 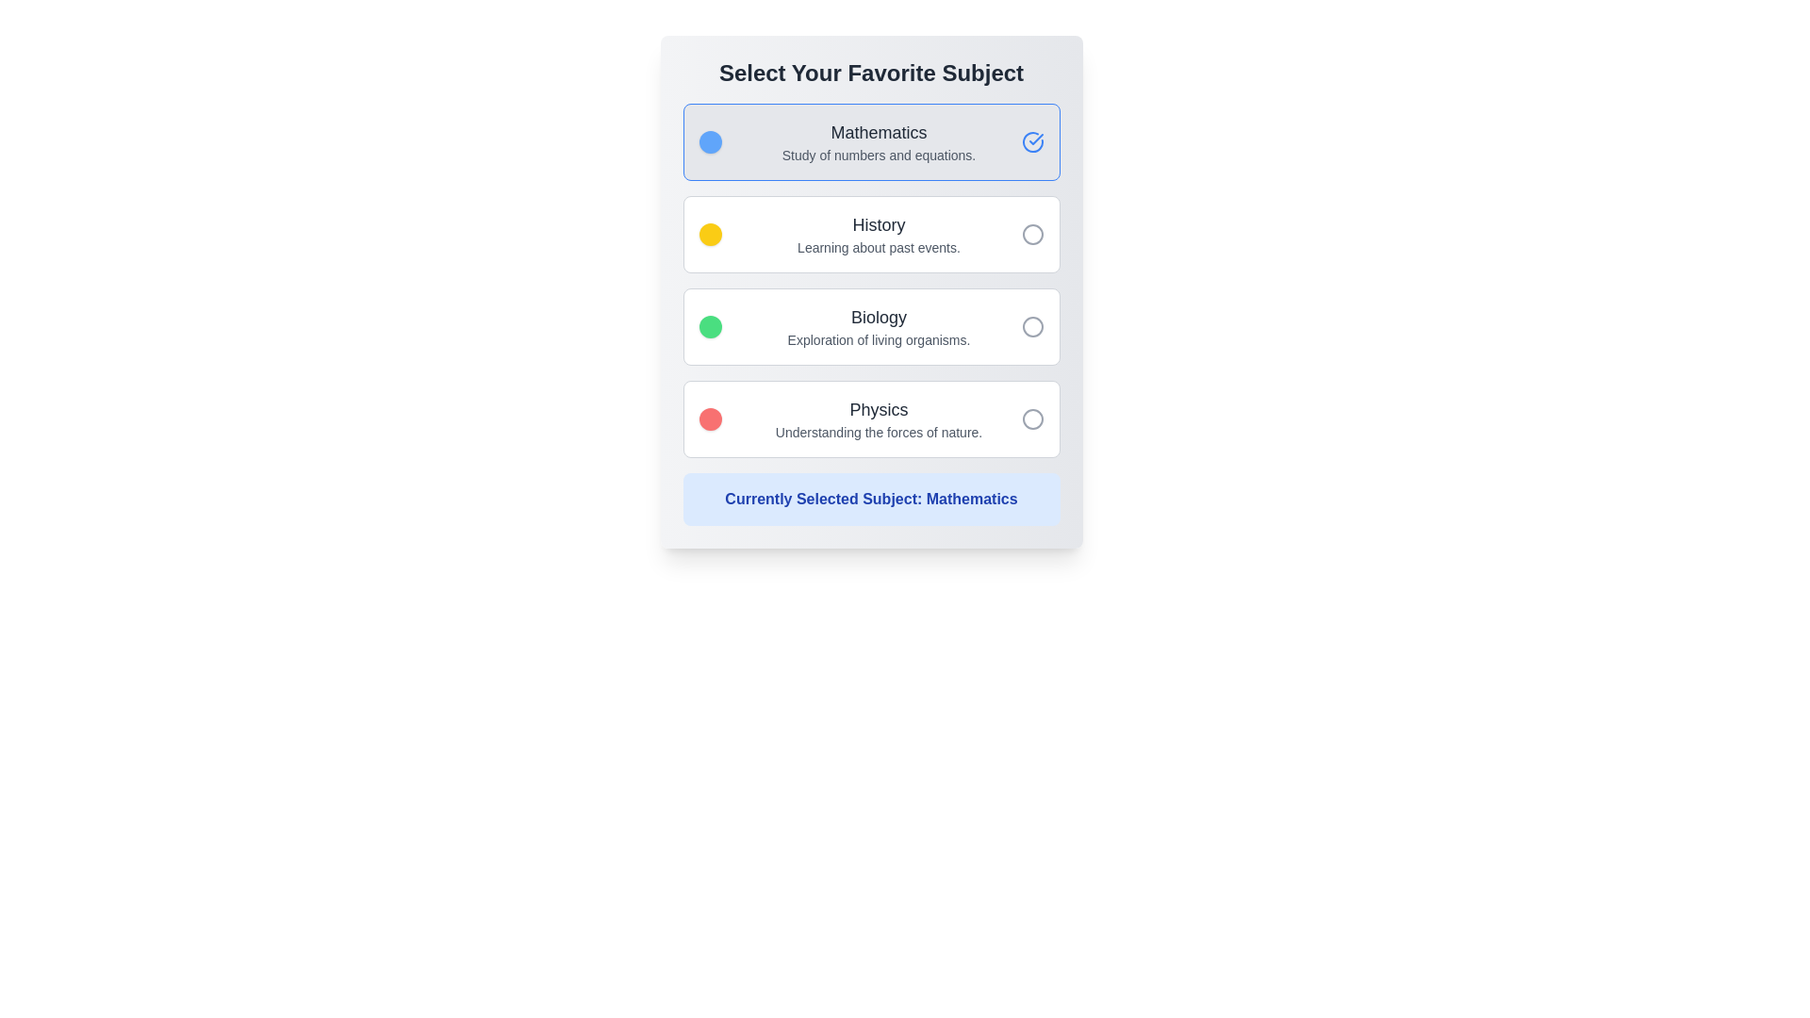 What do you see at coordinates (878, 316) in the screenshot?
I see `the static text label that serves as the title for the 'Biology' section, which is positioned above the description text 'Exploration of living organisms.'` at bounding box center [878, 316].